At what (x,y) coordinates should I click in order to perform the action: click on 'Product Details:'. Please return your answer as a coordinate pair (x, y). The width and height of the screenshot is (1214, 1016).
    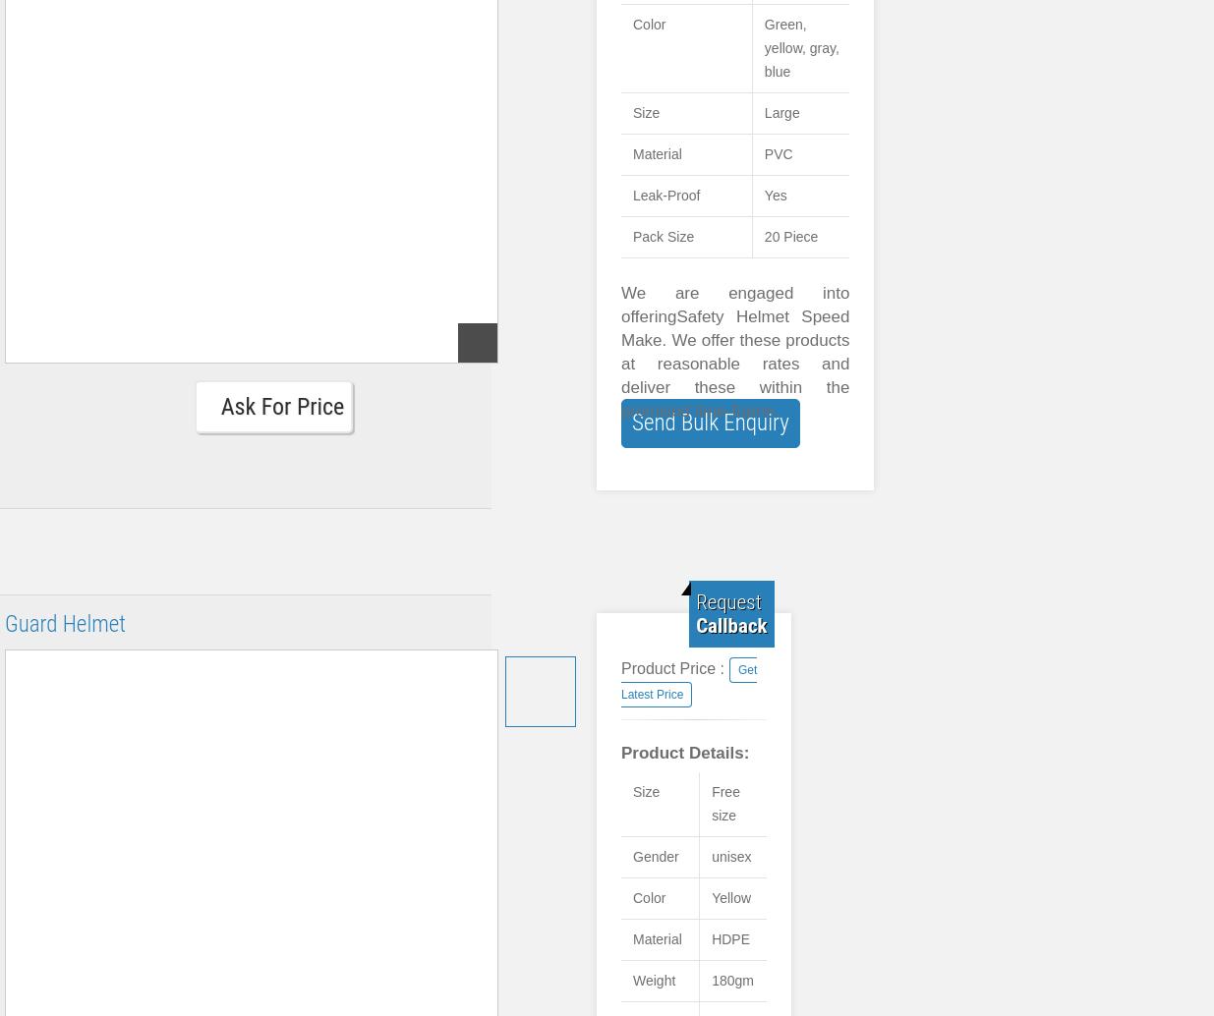
    Looking at the image, I should click on (685, 753).